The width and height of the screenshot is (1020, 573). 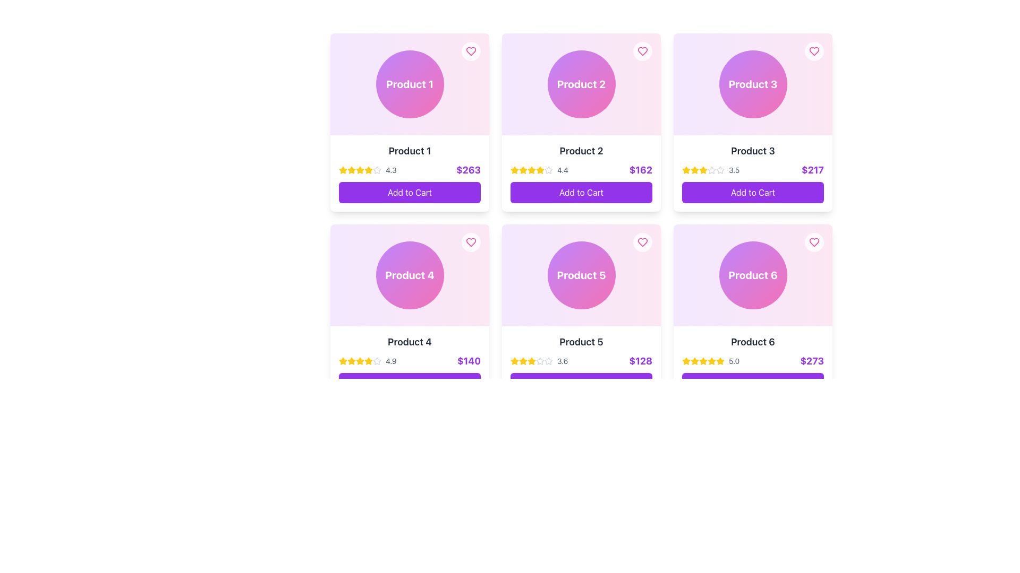 What do you see at coordinates (813, 51) in the screenshot?
I see `the heart-shaped wishlist icon located at the top-right corner of 'Product 3'` at bounding box center [813, 51].